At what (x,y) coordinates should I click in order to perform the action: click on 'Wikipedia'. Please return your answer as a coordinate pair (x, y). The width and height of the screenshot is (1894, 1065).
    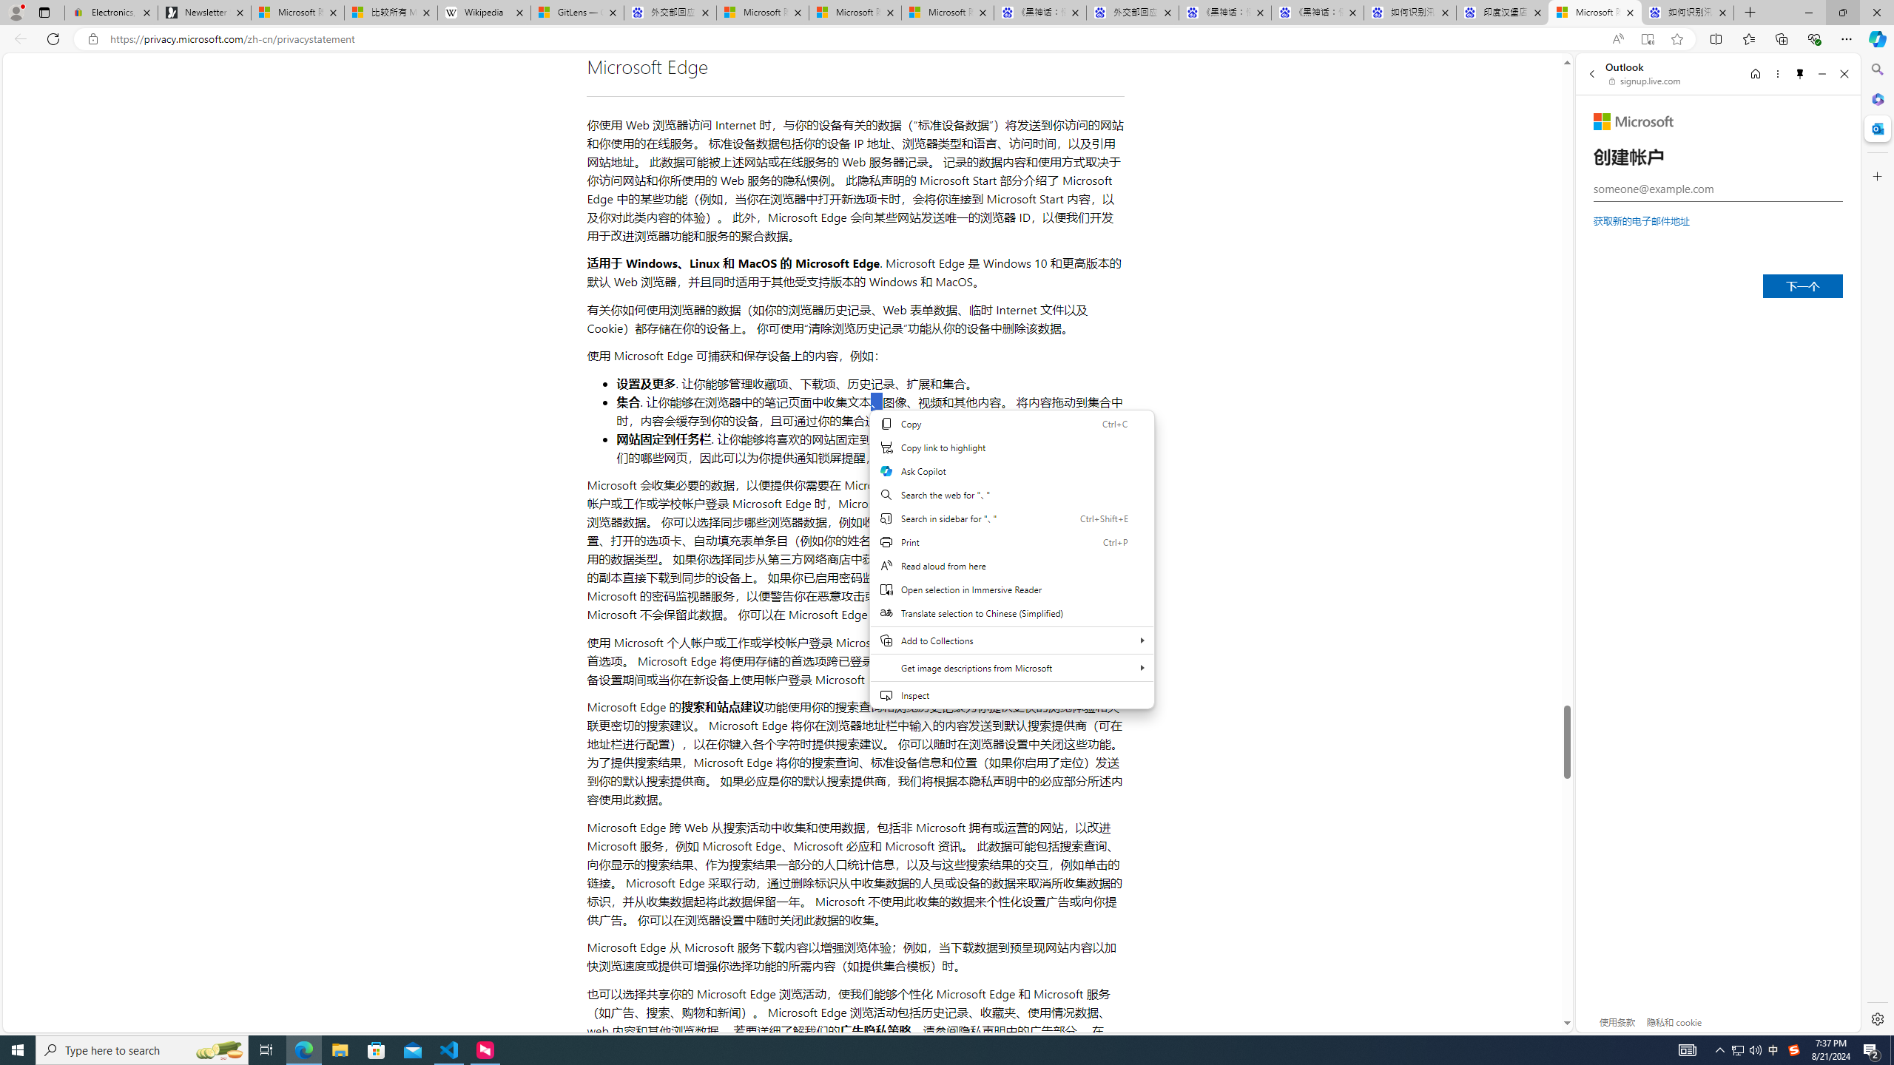
    Looking at the image, I should click on (485, 12).